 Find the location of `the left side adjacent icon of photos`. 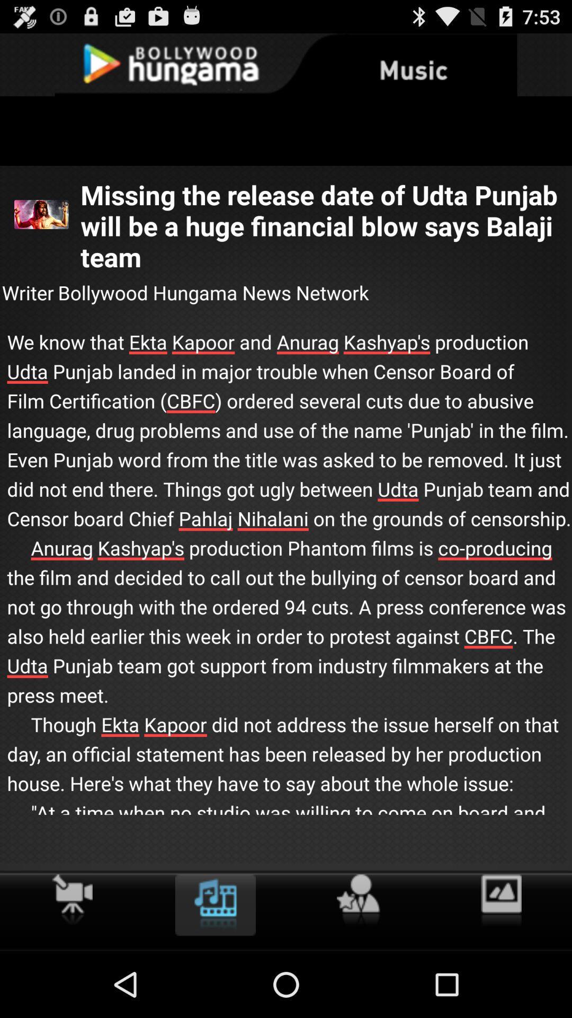

the left side adjacent icon of photos is located at coordinates (358, 900).